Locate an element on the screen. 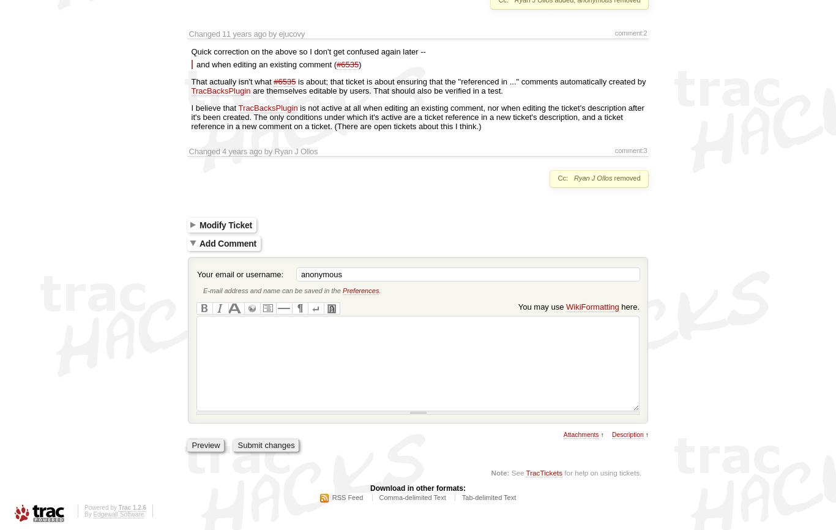 The height and width of the screenshot is (530, 836). ')' is located at coordinates (358, 64).